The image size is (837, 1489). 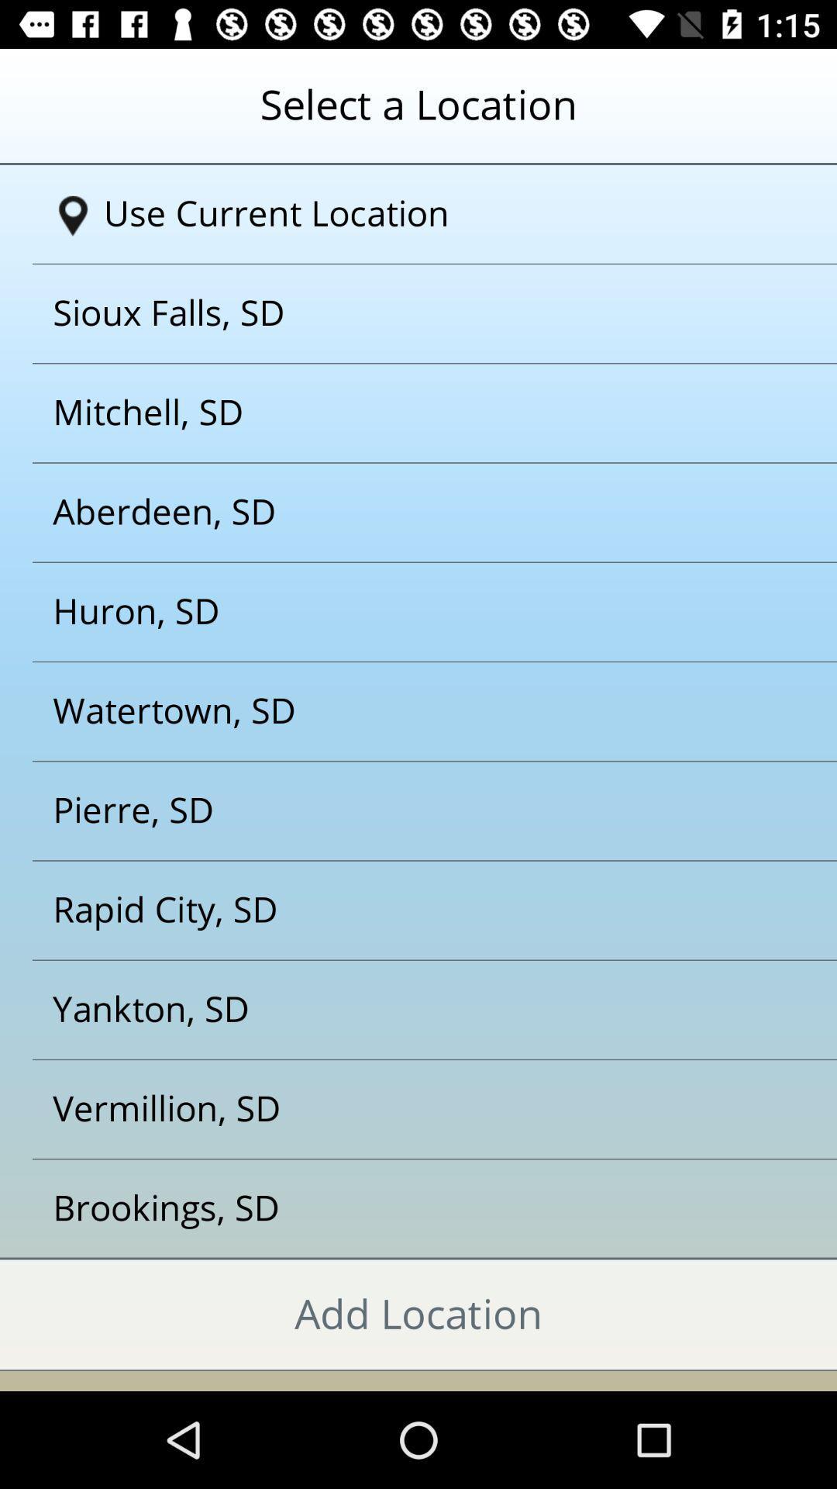 What do you see at coordinates (424, 213) in the screenshot?
I see `the text which is under the text select a location` at bounding box center [424, 213].